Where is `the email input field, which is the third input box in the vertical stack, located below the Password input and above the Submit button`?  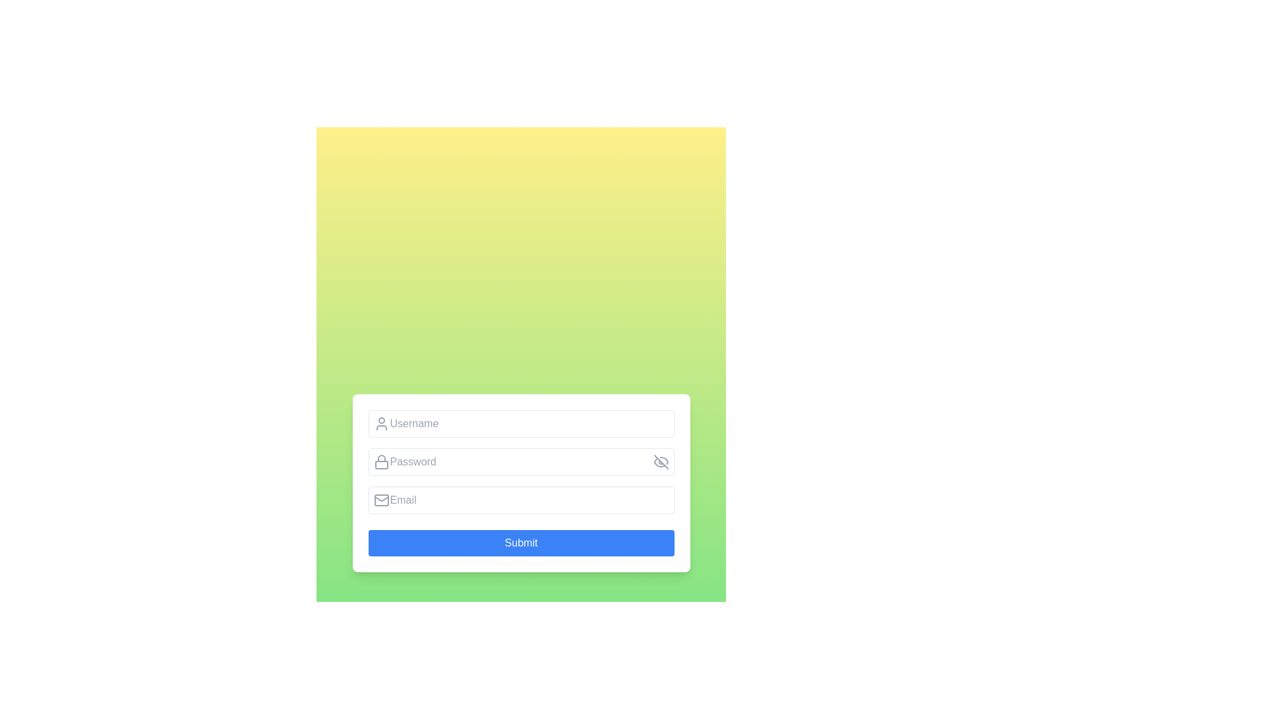
the email input field, which is the third input box in the vertical stack, located below the Password input and above the Submit button is located at coordinates (520, 500).